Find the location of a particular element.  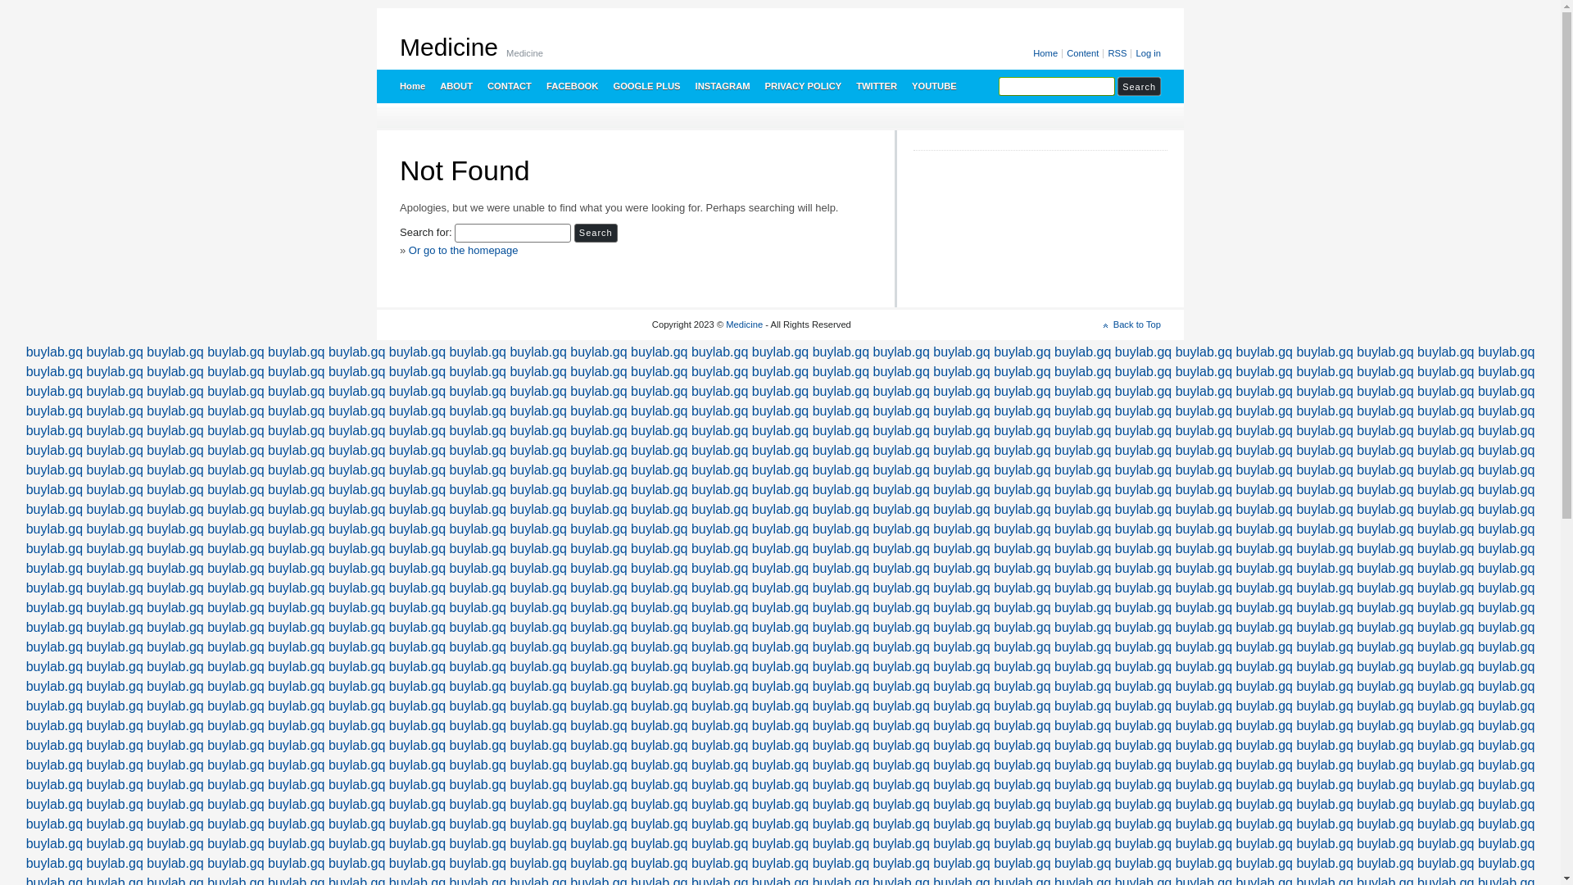

'YOUTUBE' is located at coordinates (933, 85).